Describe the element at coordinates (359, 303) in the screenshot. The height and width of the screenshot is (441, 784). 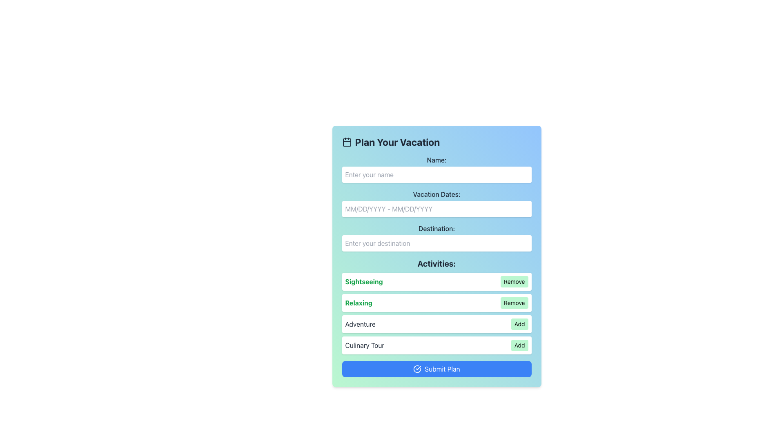
I see `the text label reading 'Relaxing' styled in bold green font, which is located within the box labeled 'RelaxingRemove', positioned second from the top in the activities list under the heading 'Activities'` at that location.